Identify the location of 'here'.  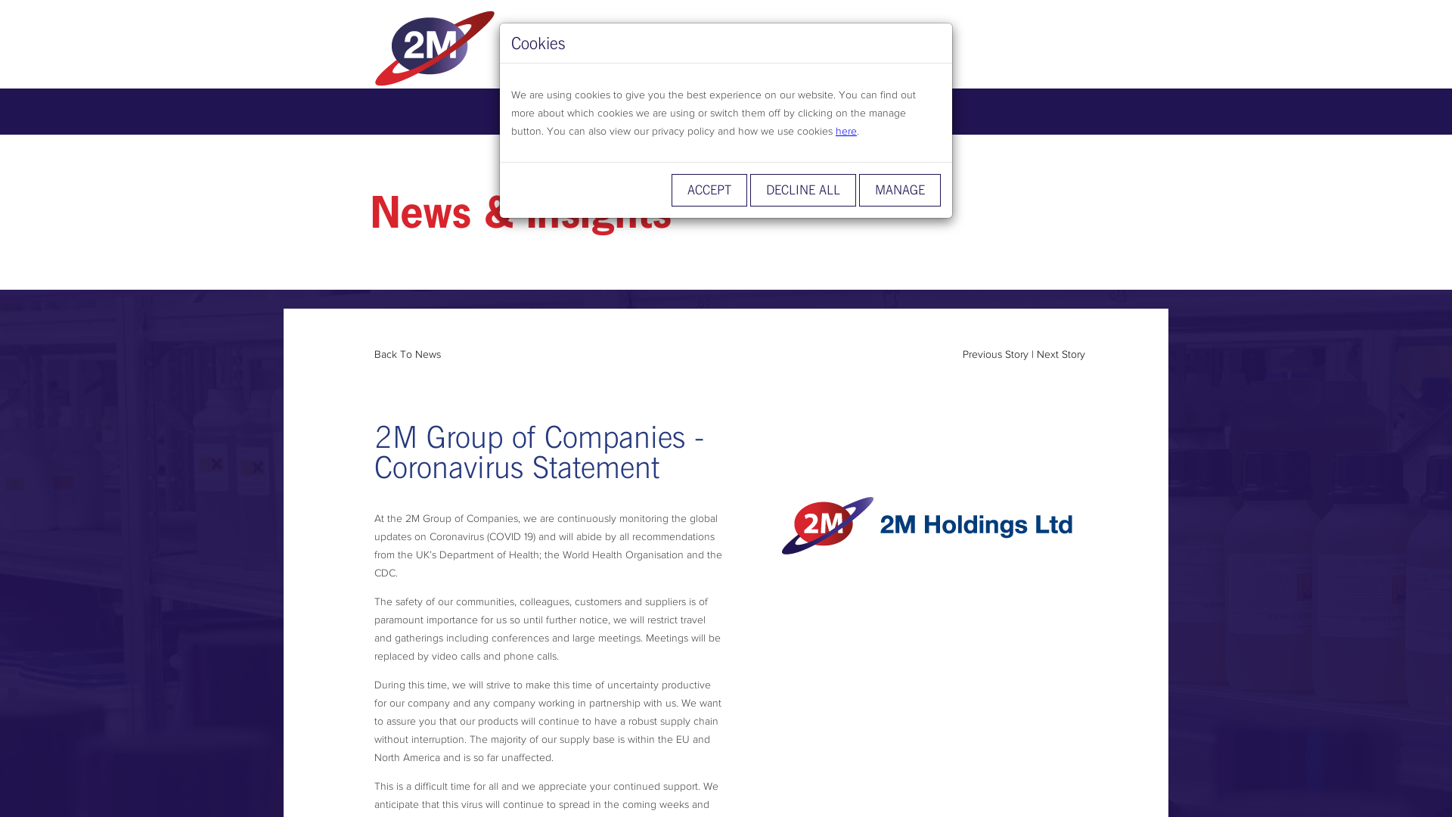
(845, 130).